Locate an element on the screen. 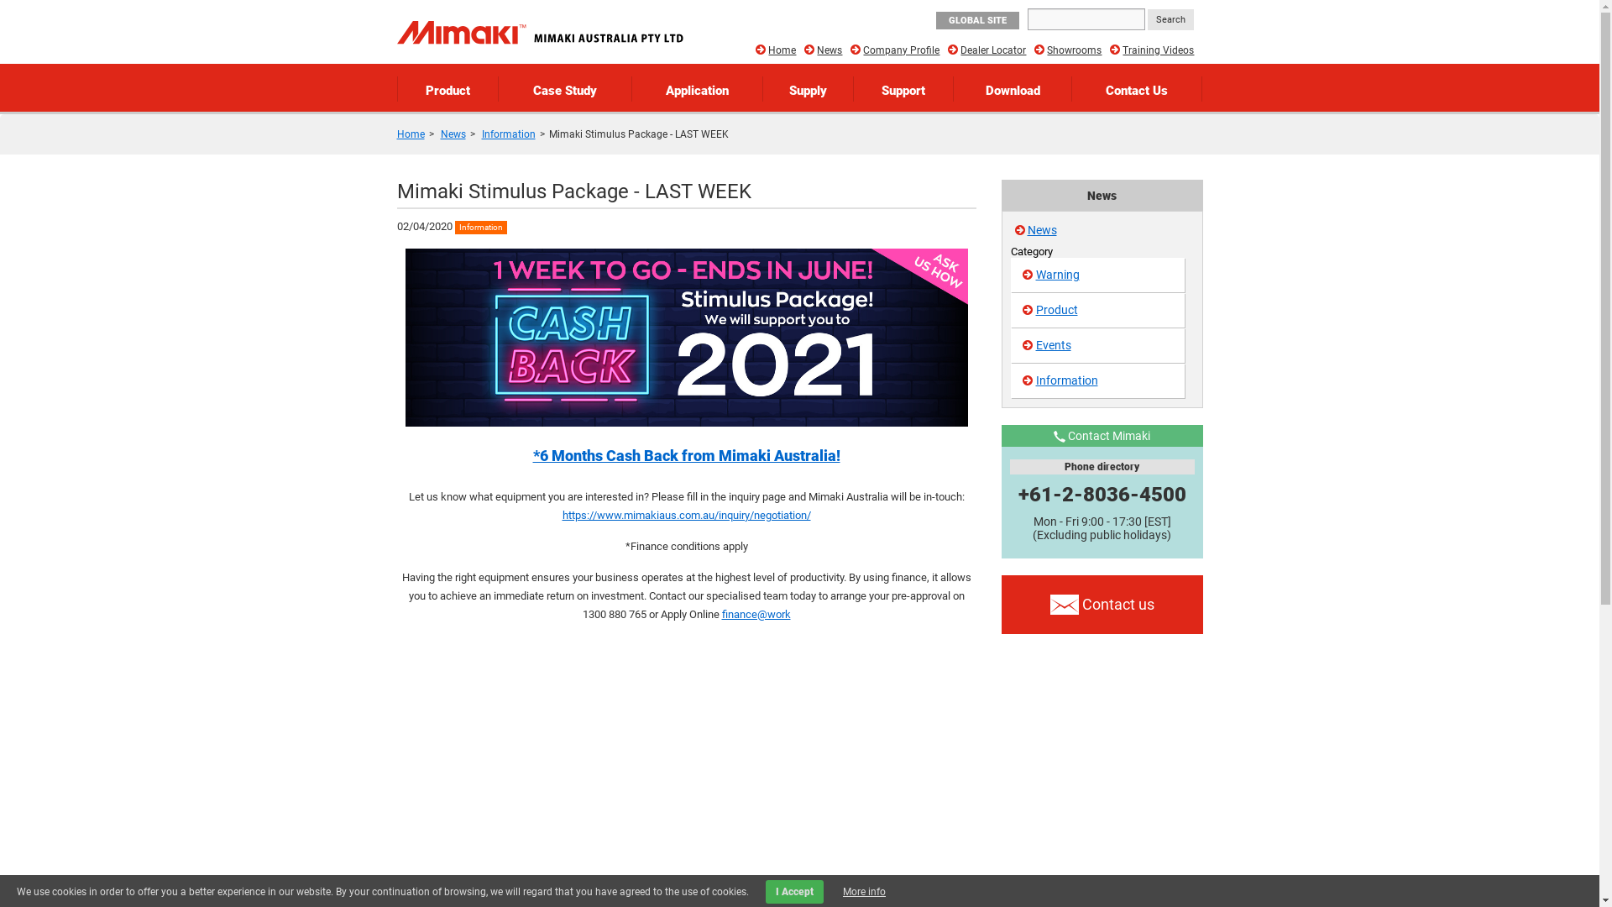  '*6 Months Cash Back from Mimaki Australia!' is located at coordinates (685, 455).